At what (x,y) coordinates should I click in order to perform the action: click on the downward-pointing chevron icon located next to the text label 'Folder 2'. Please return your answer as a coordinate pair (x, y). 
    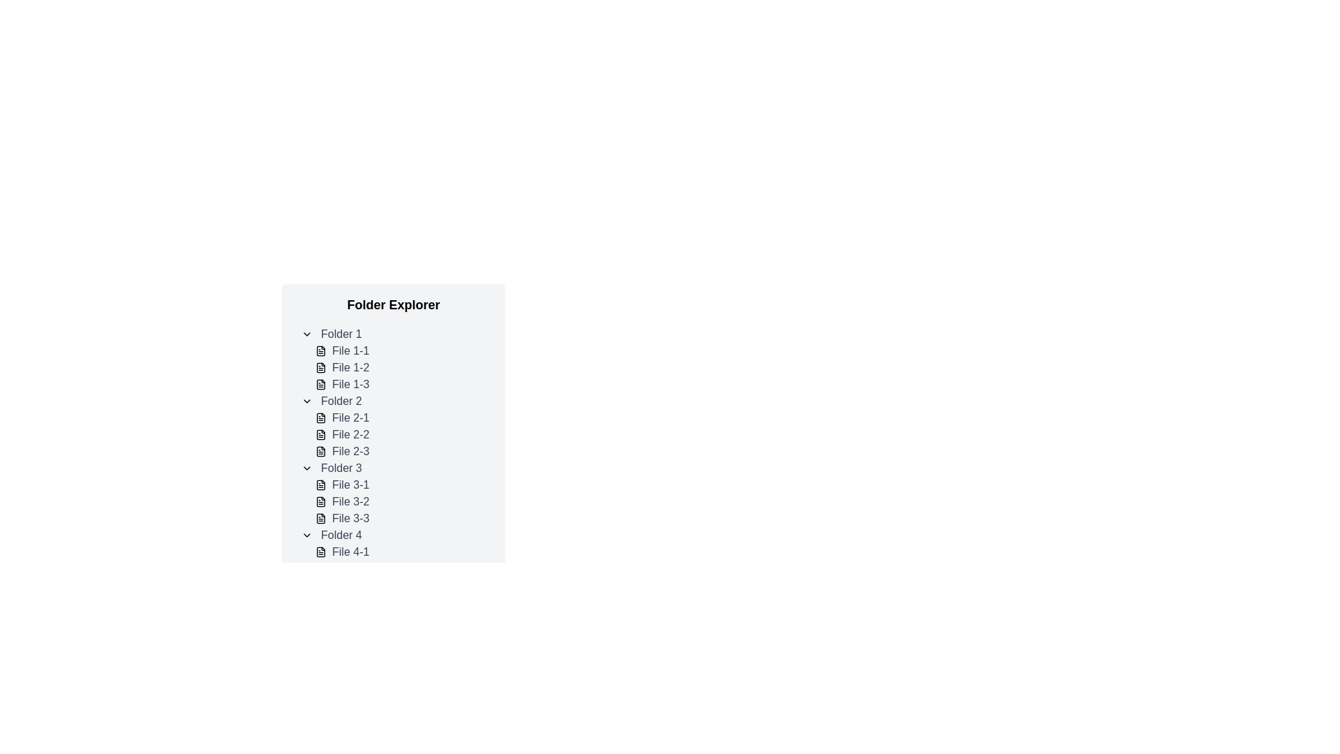
    Looking at the image, I should click on (306, 401).